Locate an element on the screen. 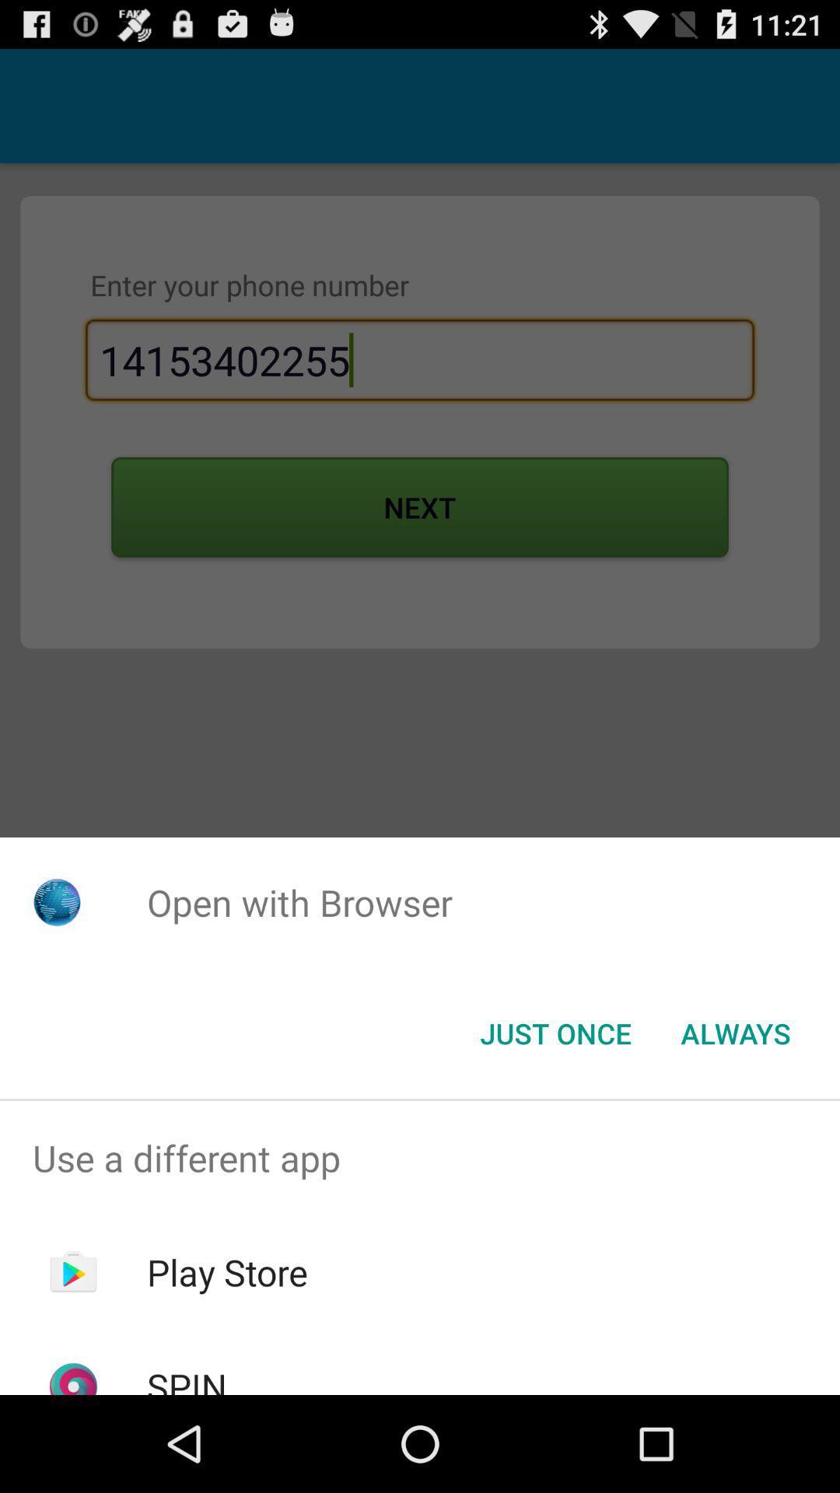 The image size is (840, 1493). the app below the open with browser is located at coordinates (735, 1033).